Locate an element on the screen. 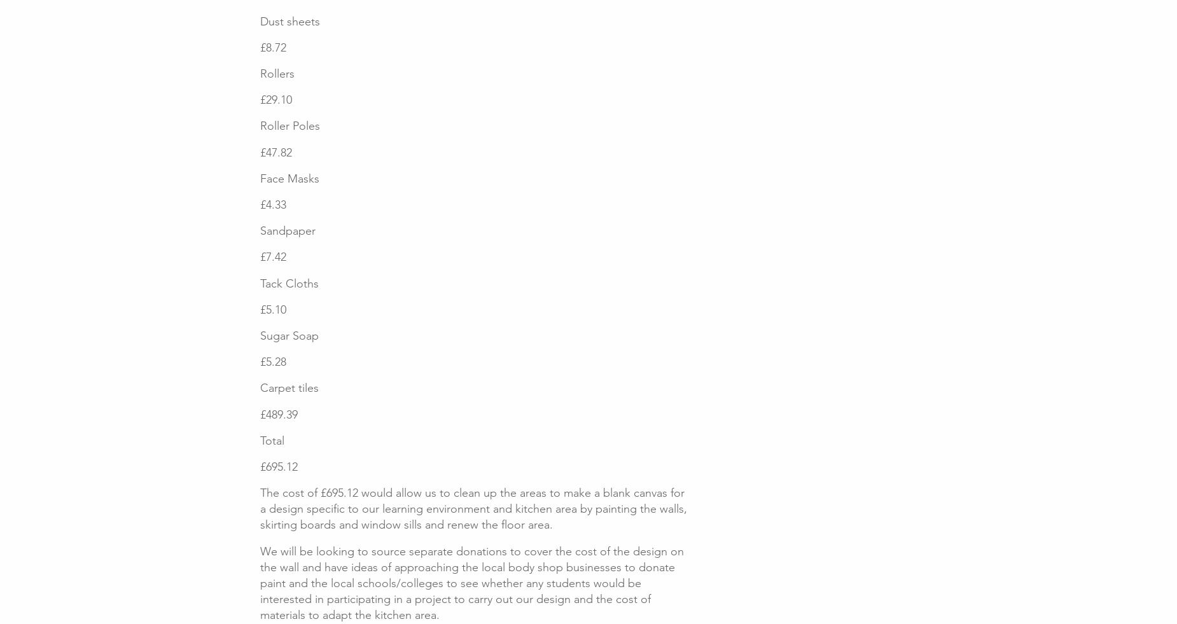  'Tack Cloths' is located at coordinates (288, 282).